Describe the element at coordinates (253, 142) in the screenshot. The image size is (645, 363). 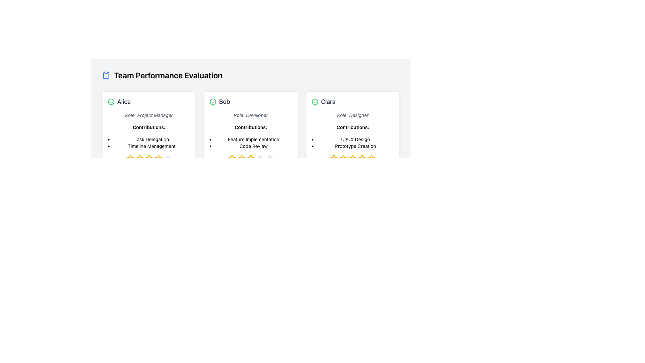
I see `the textual list item element that contains the lines 'Feature Implementation' and 'Code Review' within the card labeled 'Bob' and positioned under the 'Contributions:' heading` at that location.